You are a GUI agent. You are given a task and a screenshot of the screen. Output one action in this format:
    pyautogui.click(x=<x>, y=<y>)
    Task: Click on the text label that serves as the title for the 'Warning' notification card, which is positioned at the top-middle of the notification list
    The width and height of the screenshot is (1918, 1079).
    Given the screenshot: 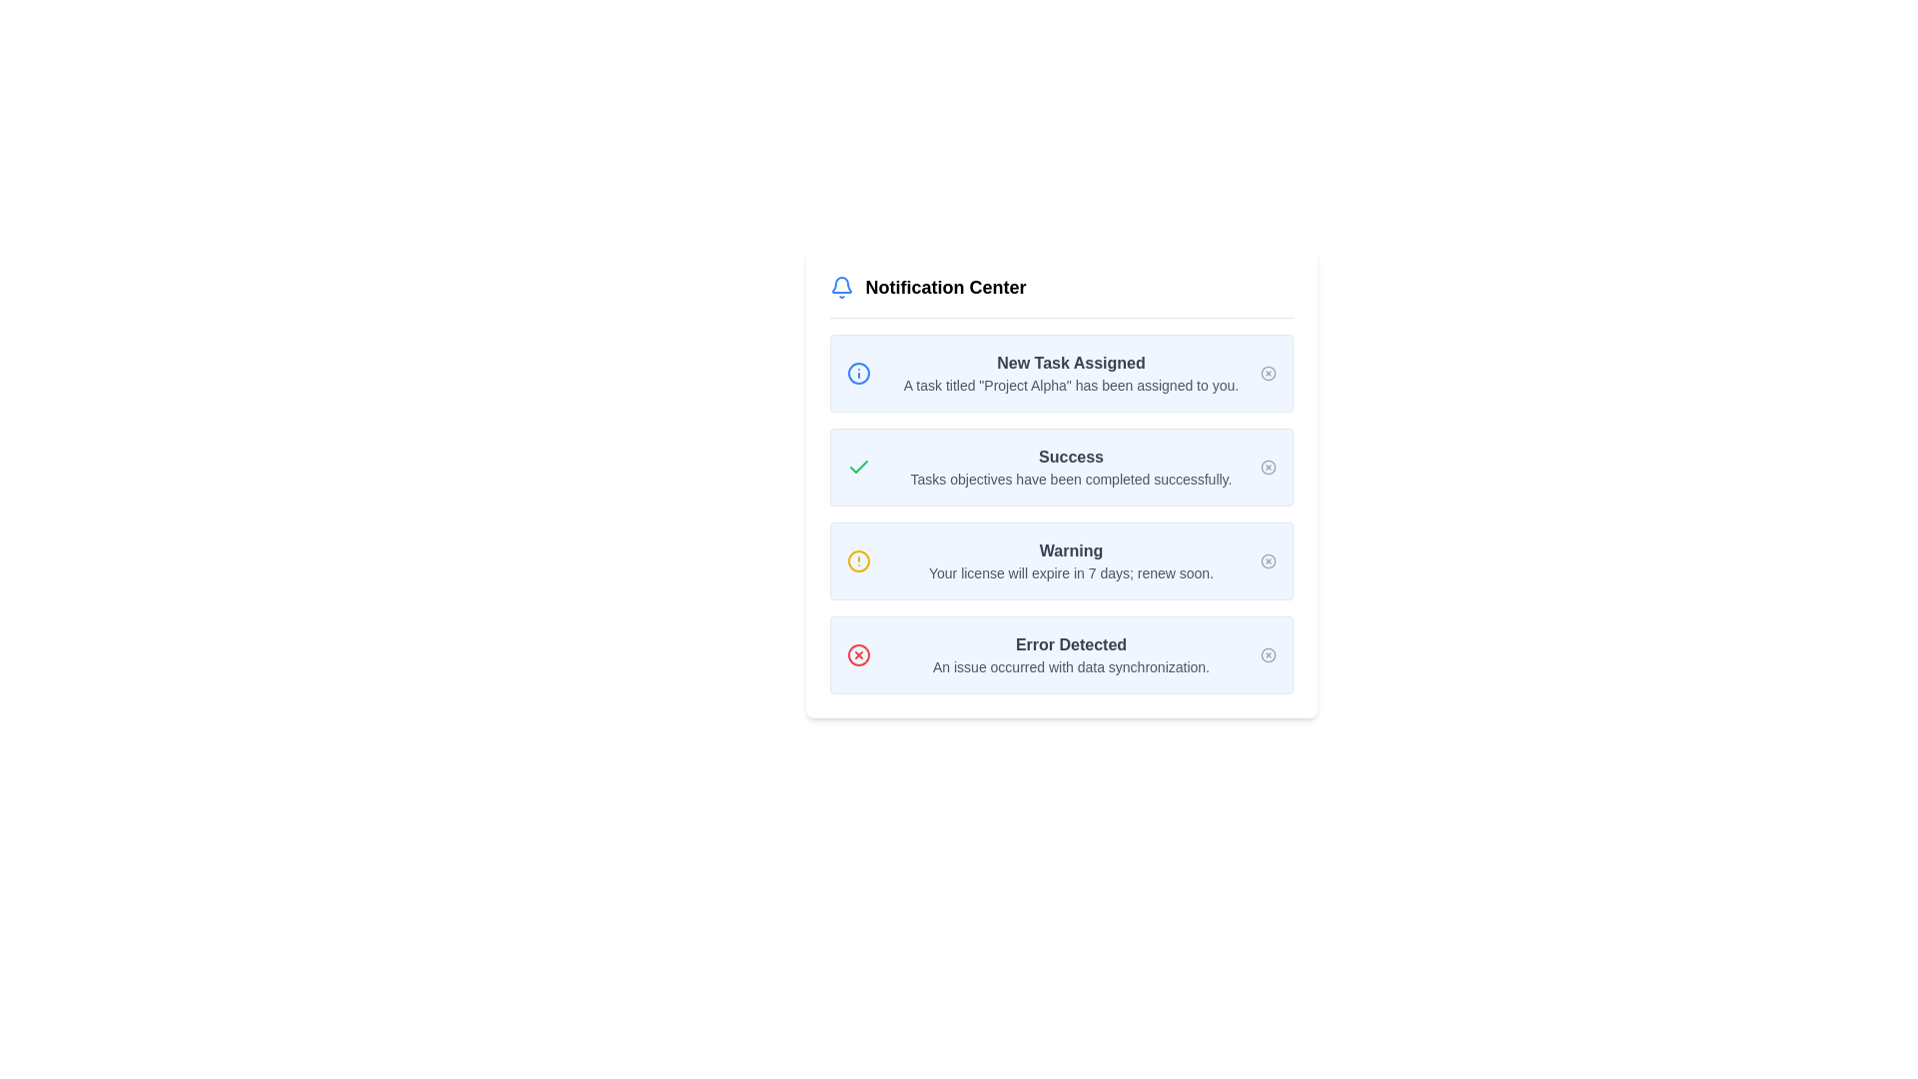 What is the action you would take?
    pyautogui.click(x=1070, y=550)
    